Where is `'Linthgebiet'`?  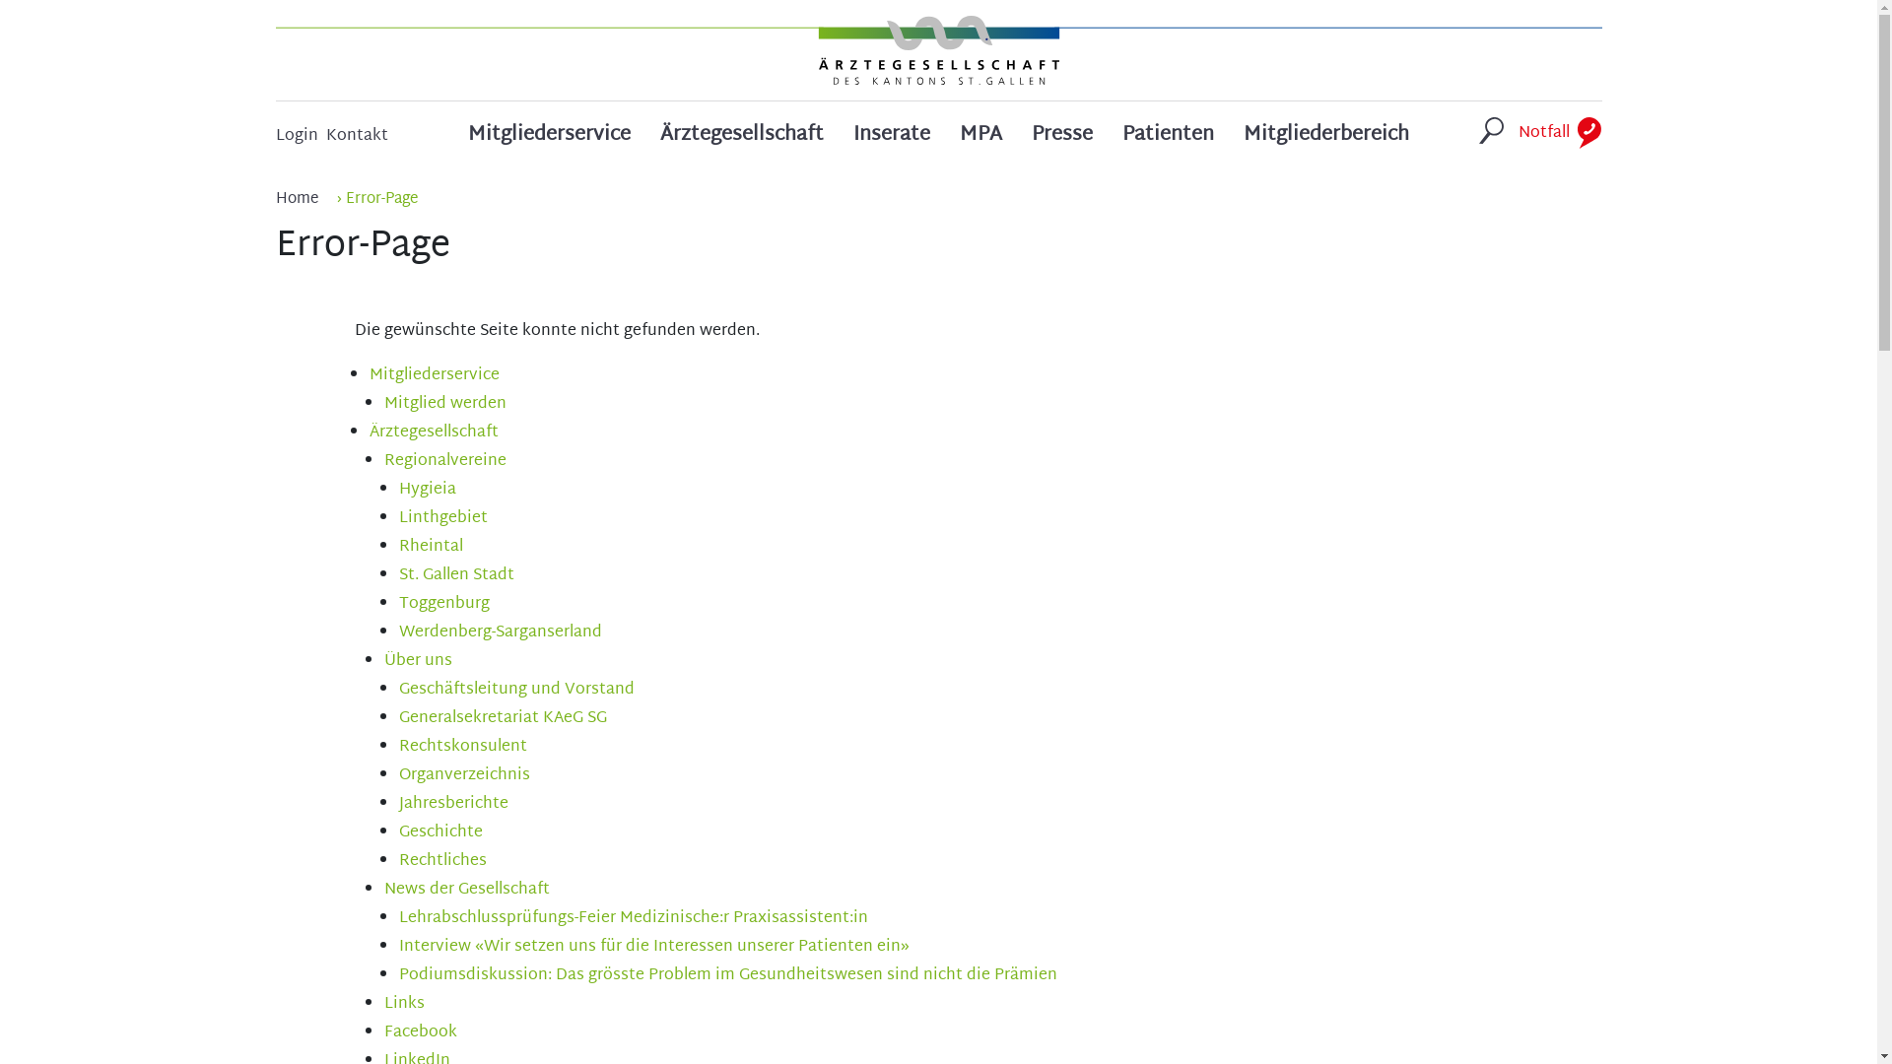 'Linthgebiet' is located at coordinates (441, 517).